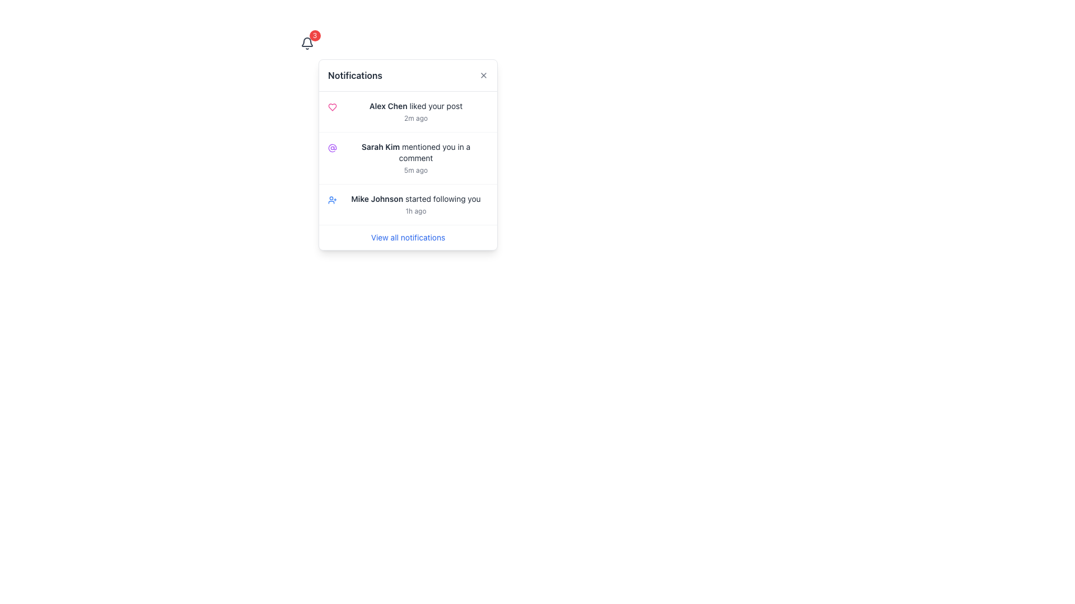  What do you see at coordinates (354, 75) in the screenshot?
I see `the 'Notifications' text label, which is styled in bold dark gray font and located in the header section of the notifications dropdown menu` at bounding box center [354, 75].